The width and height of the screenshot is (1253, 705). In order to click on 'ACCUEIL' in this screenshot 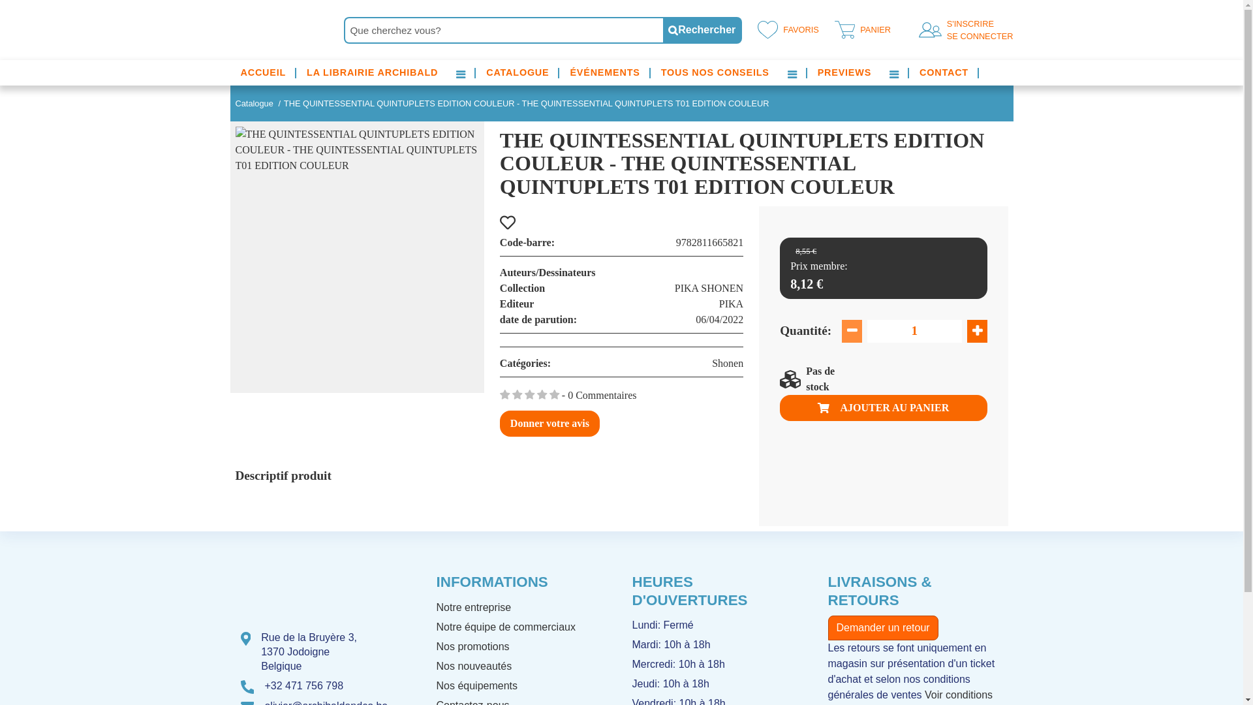, I will do `click(262, 72)`.